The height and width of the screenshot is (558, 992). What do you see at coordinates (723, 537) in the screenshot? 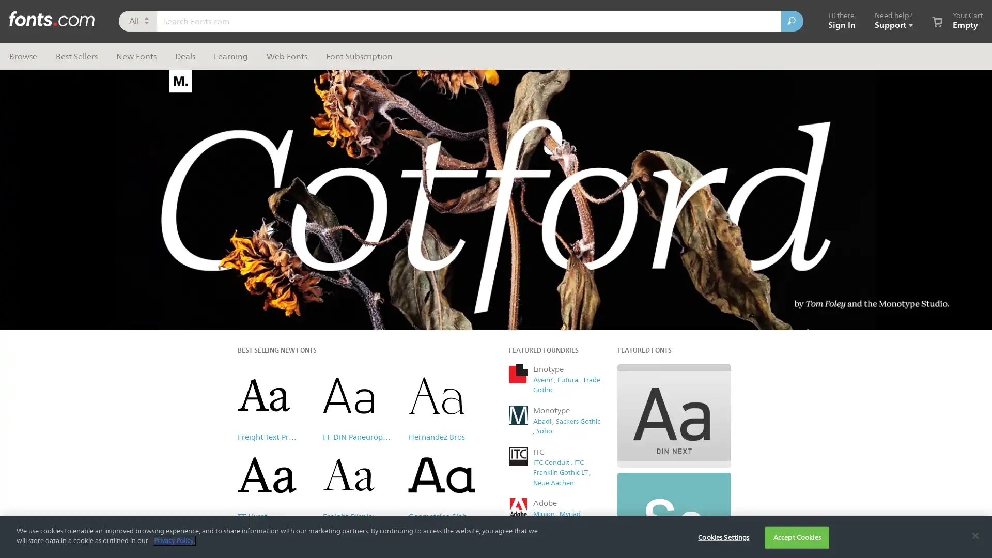
I see `Cookies Settings` at bounding box center [723, 537].